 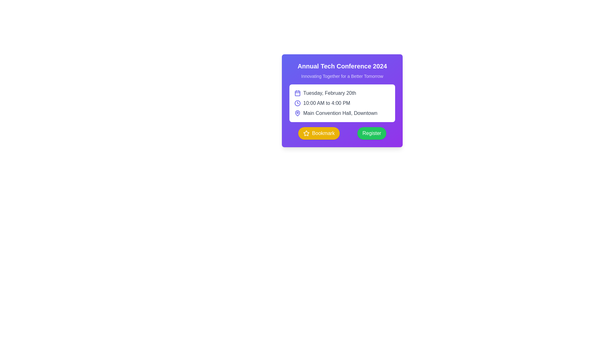 I want to click on the rounded yellow 'Bookmark' button with white text and star icon, located to the left of the 'Register' button in the 'Annual Tech Conference 2024' section, so click(x=319, y=133).